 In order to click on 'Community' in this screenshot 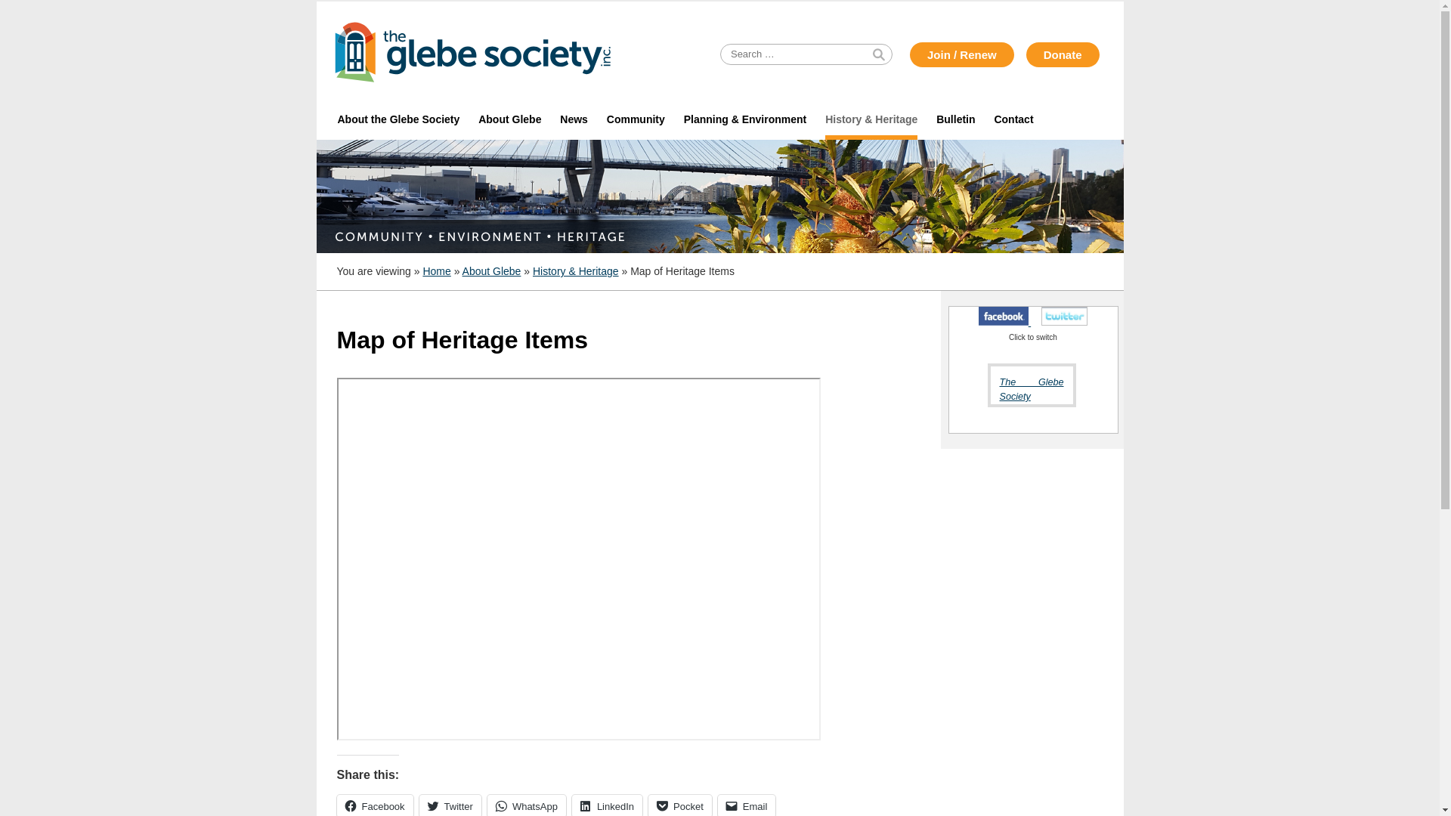, I will do `click(635, 119)`.